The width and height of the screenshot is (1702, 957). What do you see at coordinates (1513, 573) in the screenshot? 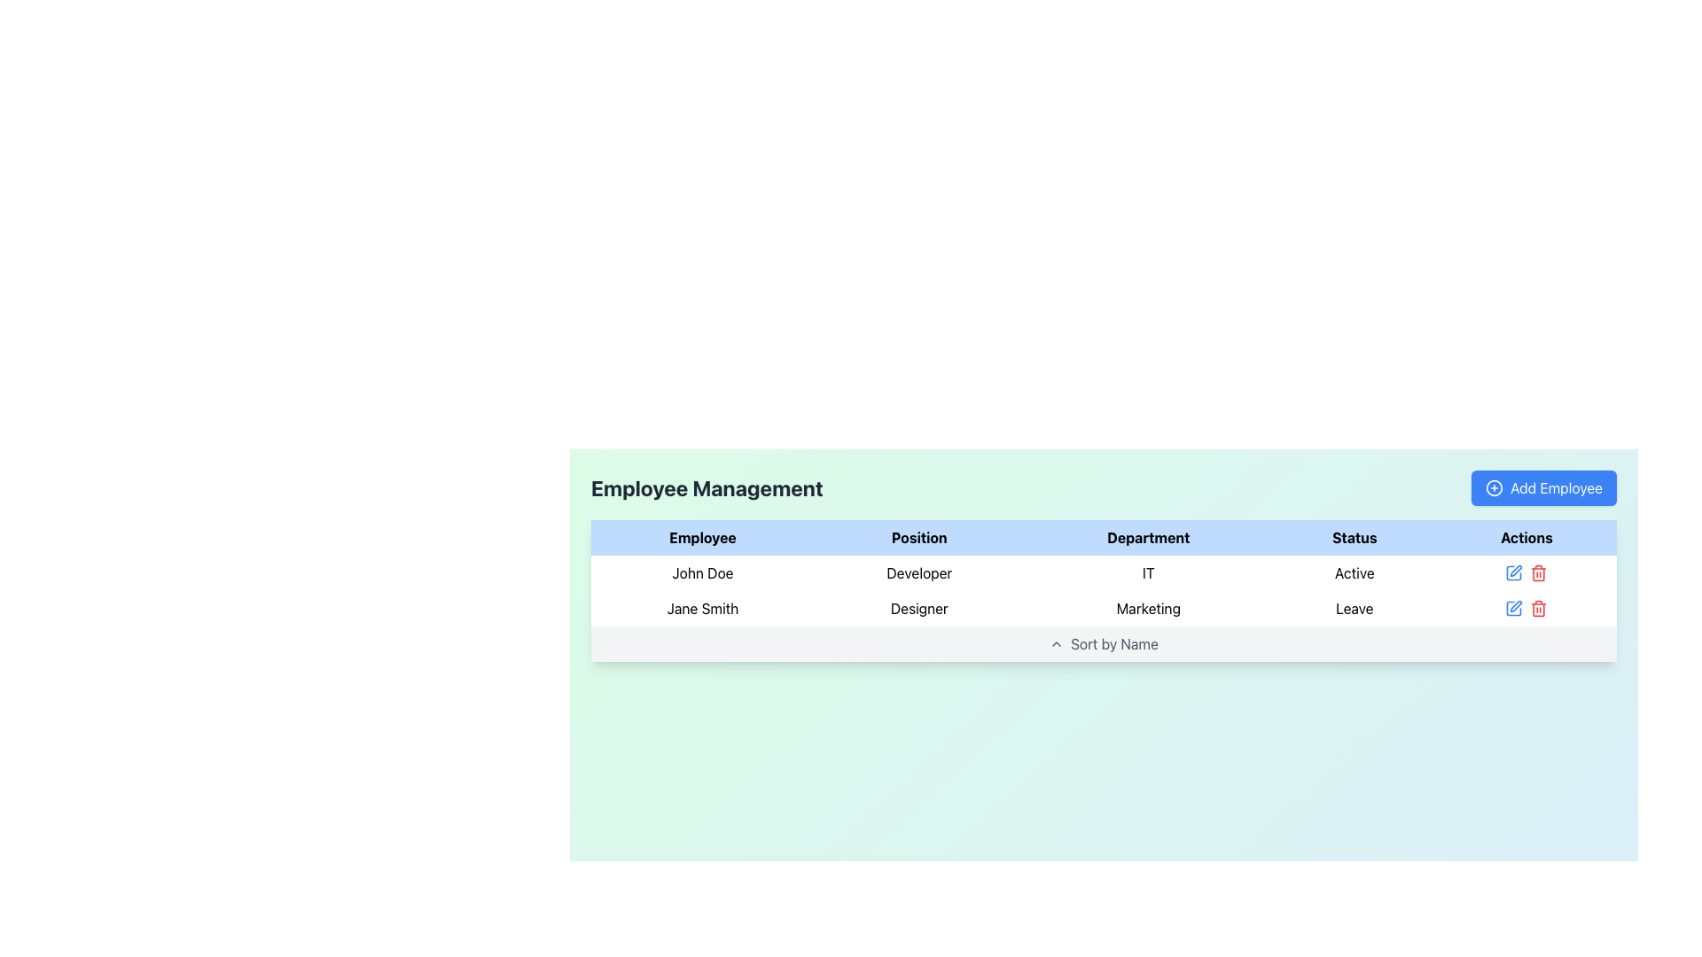
I see `the 'Edit' icon button located in the 'Actions' column beside the 'John Doe' entry to initiate editing` at bounding box center [1513, 573].